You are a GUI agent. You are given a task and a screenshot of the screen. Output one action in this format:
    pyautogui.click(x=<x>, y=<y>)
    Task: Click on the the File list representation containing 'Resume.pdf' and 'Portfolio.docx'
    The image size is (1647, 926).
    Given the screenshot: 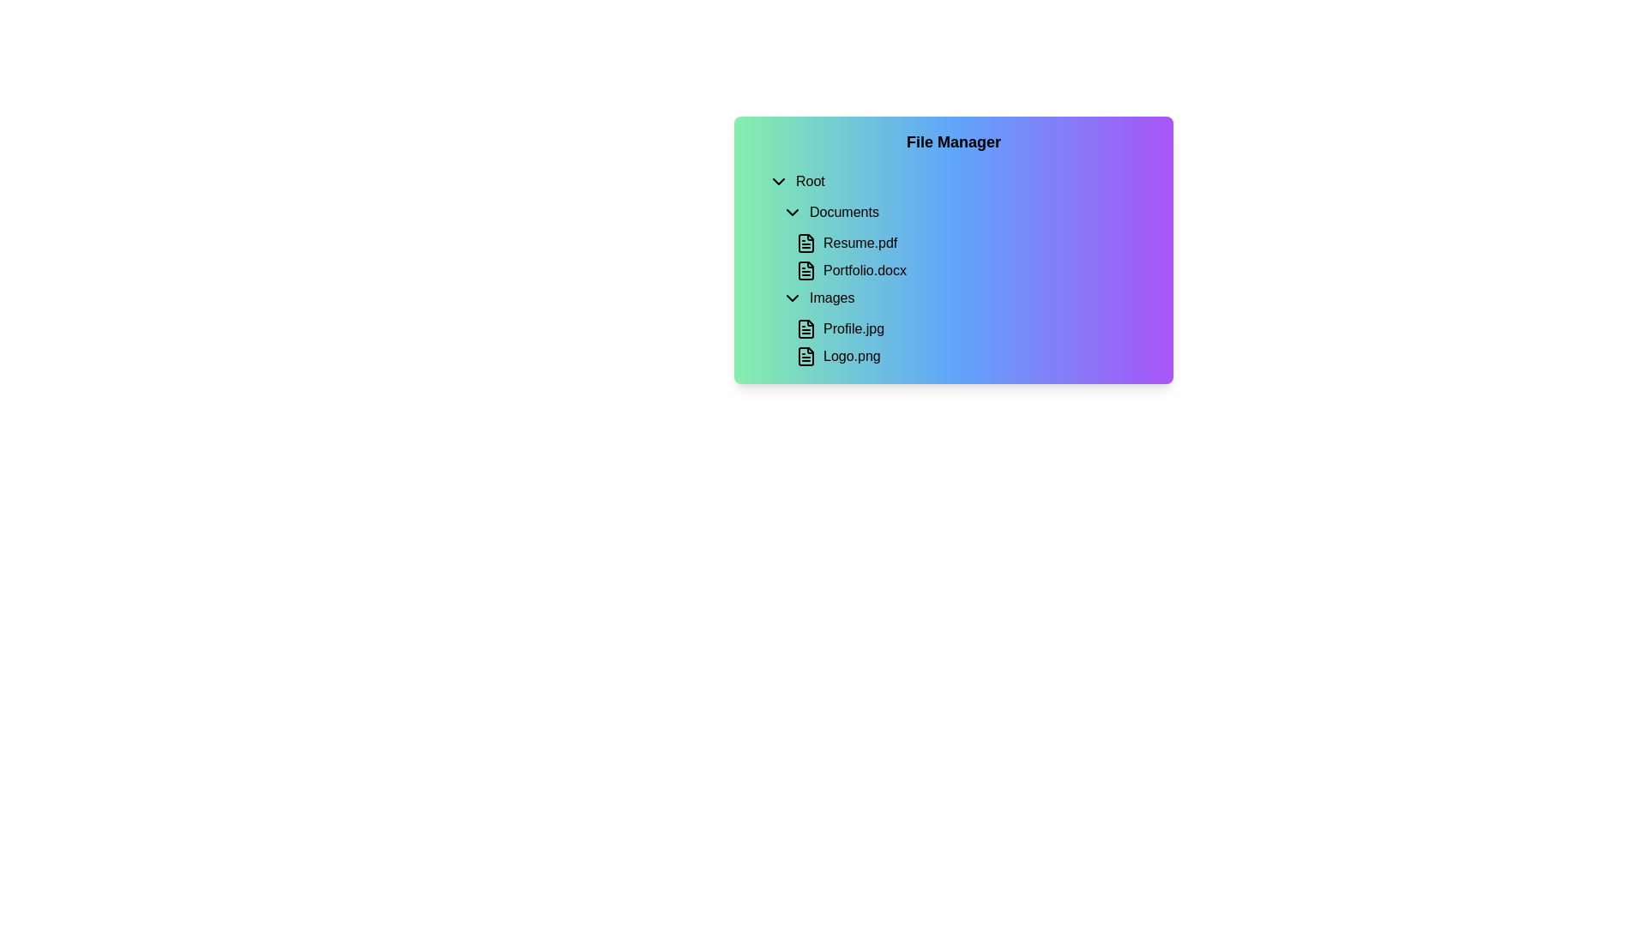 What is the action you would take?
    pyautogui.click(x=968, y=257)
    